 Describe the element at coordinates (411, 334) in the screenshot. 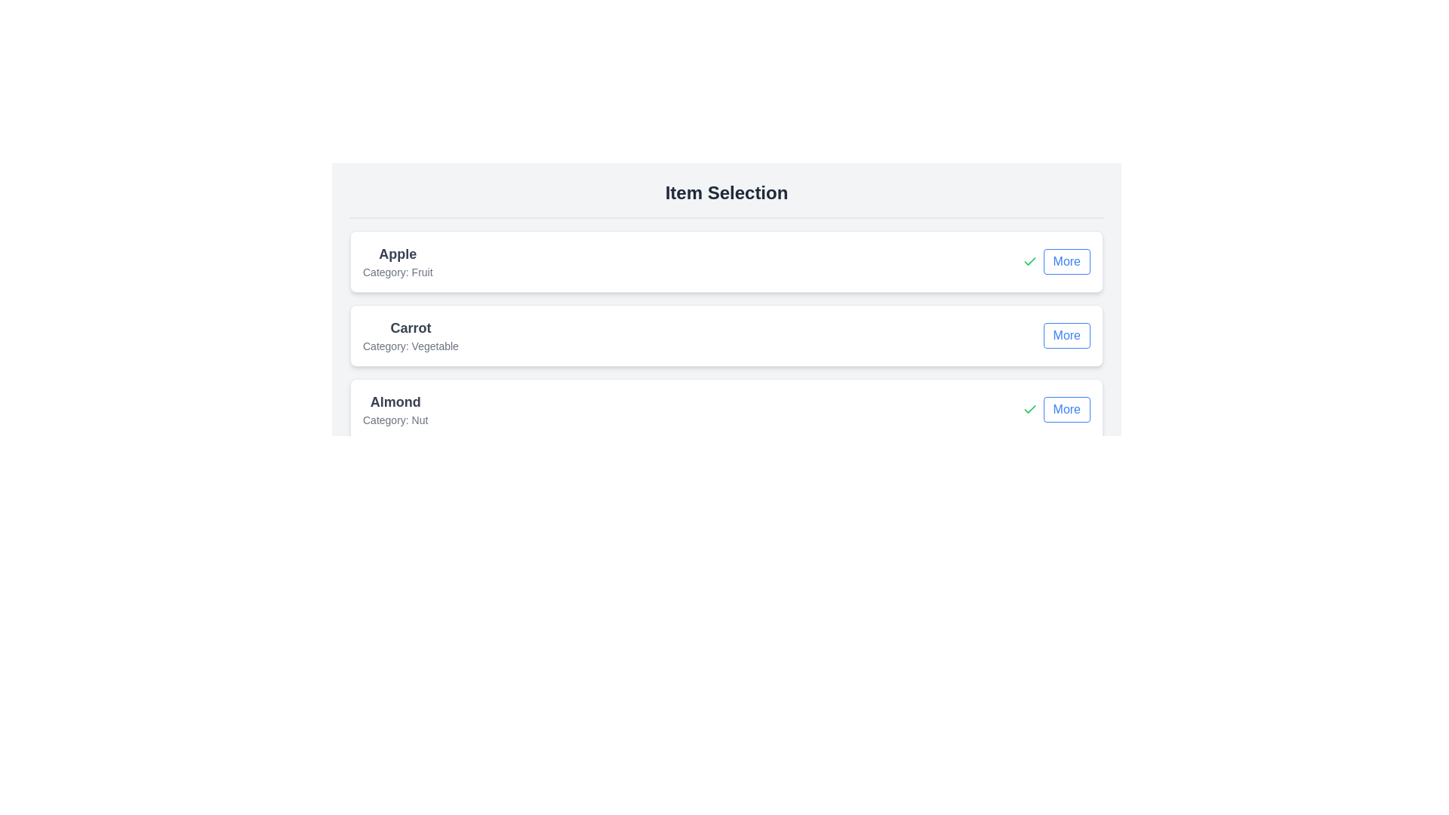

I see `the label that describes 'Carrot' as a 'Vegetable', located in the second list item of a bordered, shadowed card` at that location.